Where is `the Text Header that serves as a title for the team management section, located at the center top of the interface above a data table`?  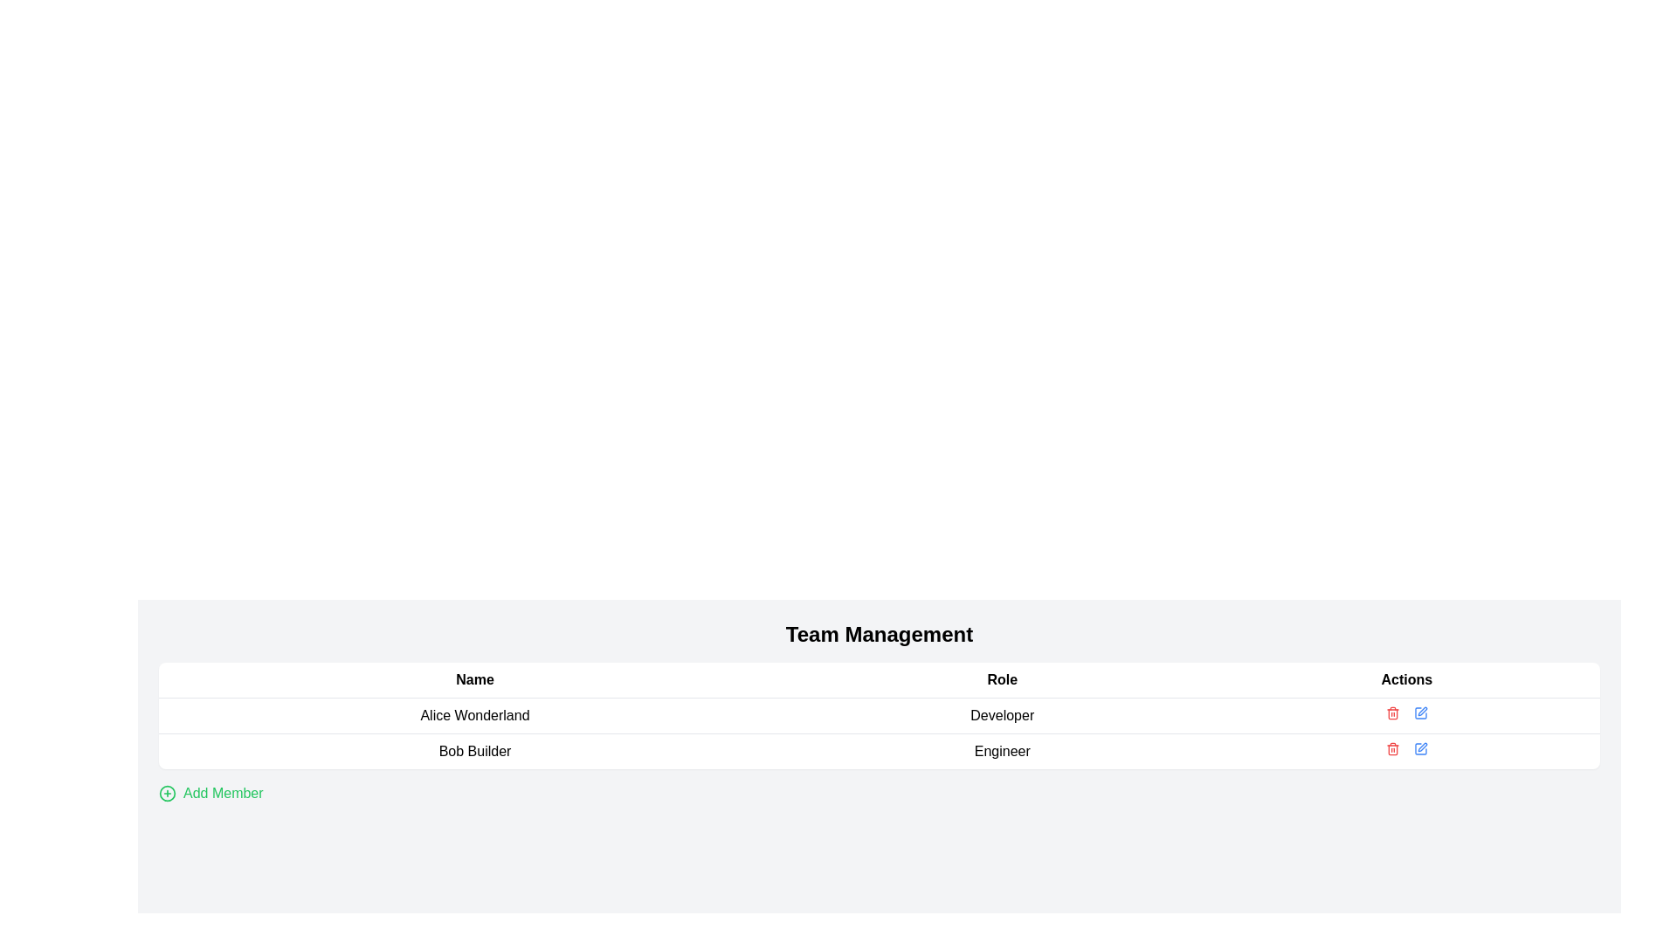
the Text Header that serves as a title for the team management section, located at the center top of the interface above a data table is located at coordinates (880, 634).